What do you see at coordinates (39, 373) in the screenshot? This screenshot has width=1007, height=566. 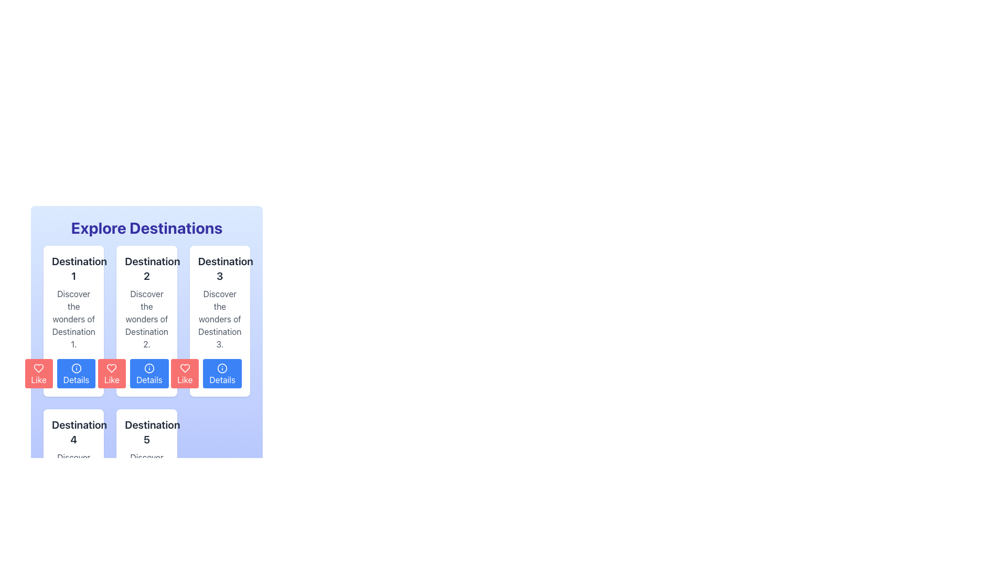 I see `the first button in the horizontal layout under the 'Destination 1' section` at bounding box center [39, 373].